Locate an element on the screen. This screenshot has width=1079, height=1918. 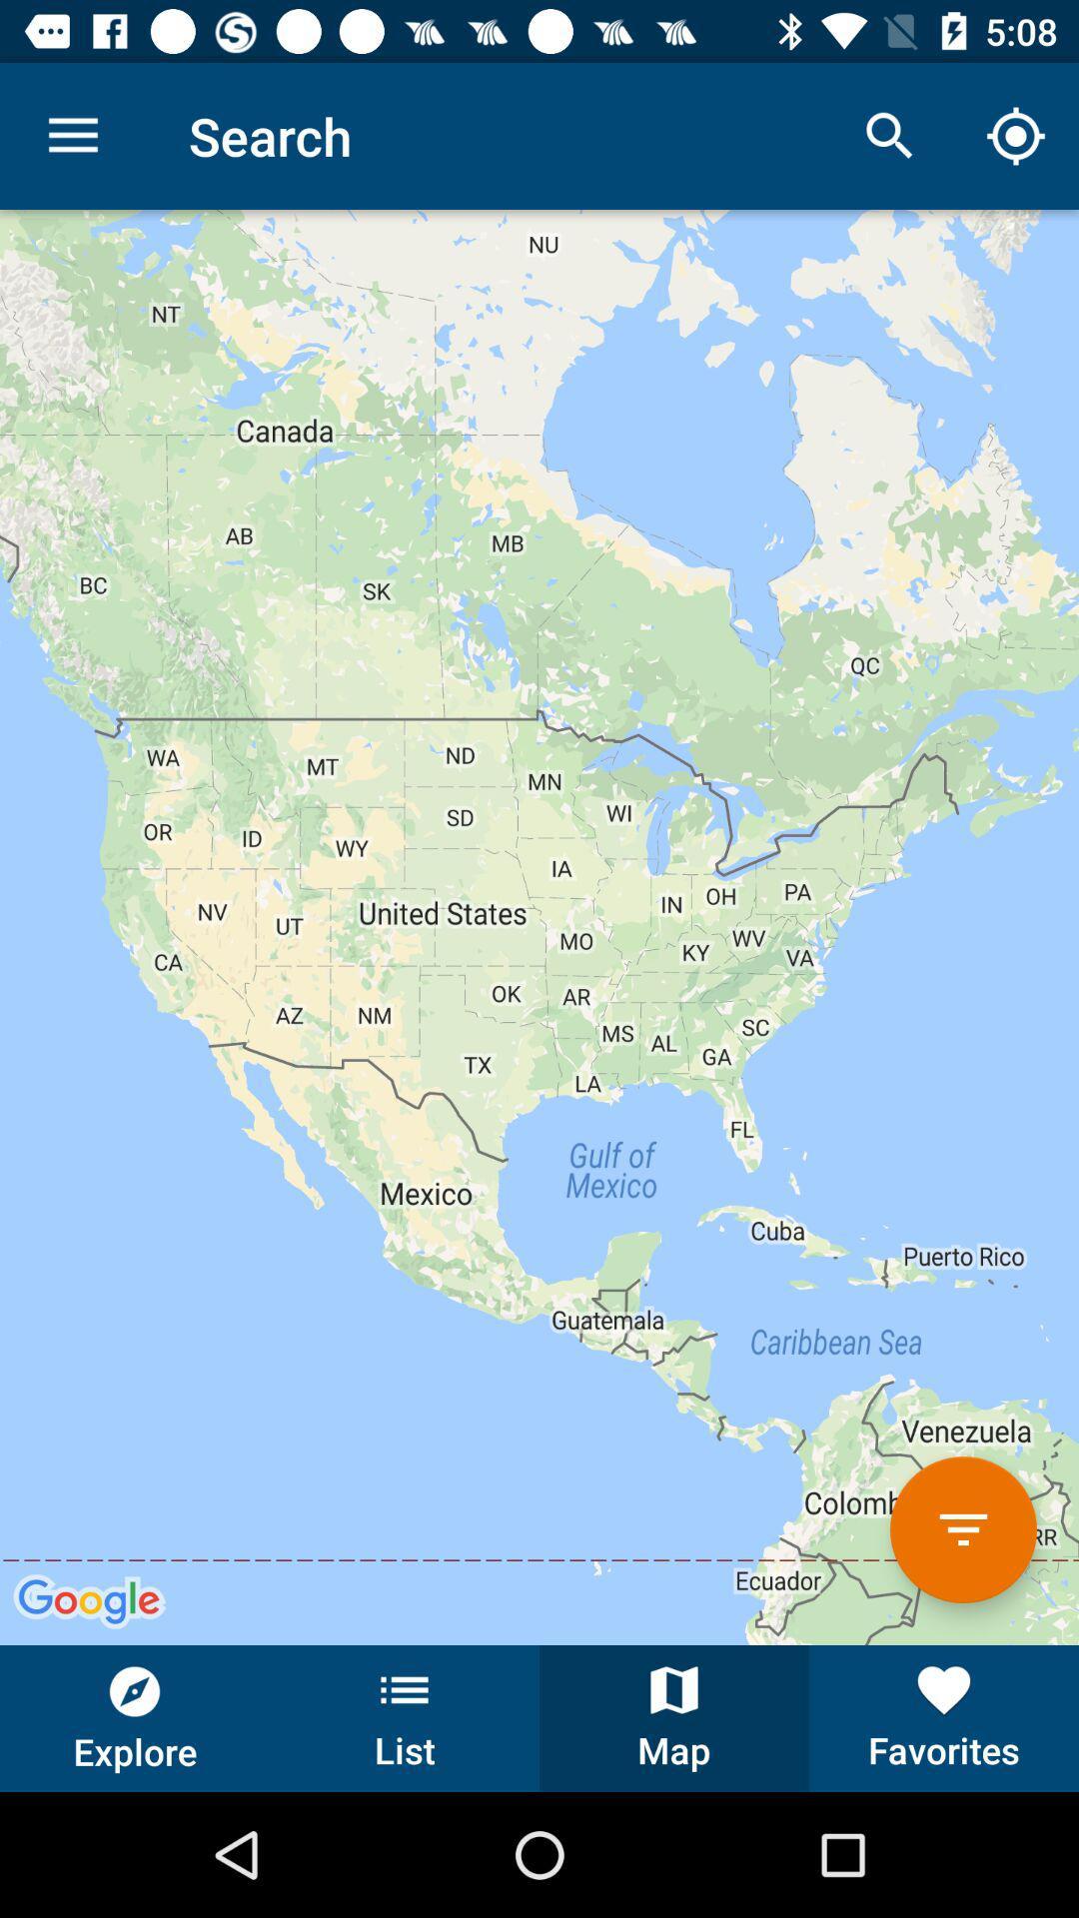
the icon next to explore item is located at coordinates (405, 1717).